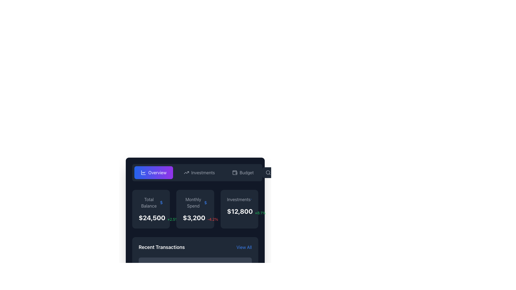 The image size is (516, 290). I want to click on text label that describes the associated monetary value and percentage below, located at the upper section of the card, so click(193, 203).